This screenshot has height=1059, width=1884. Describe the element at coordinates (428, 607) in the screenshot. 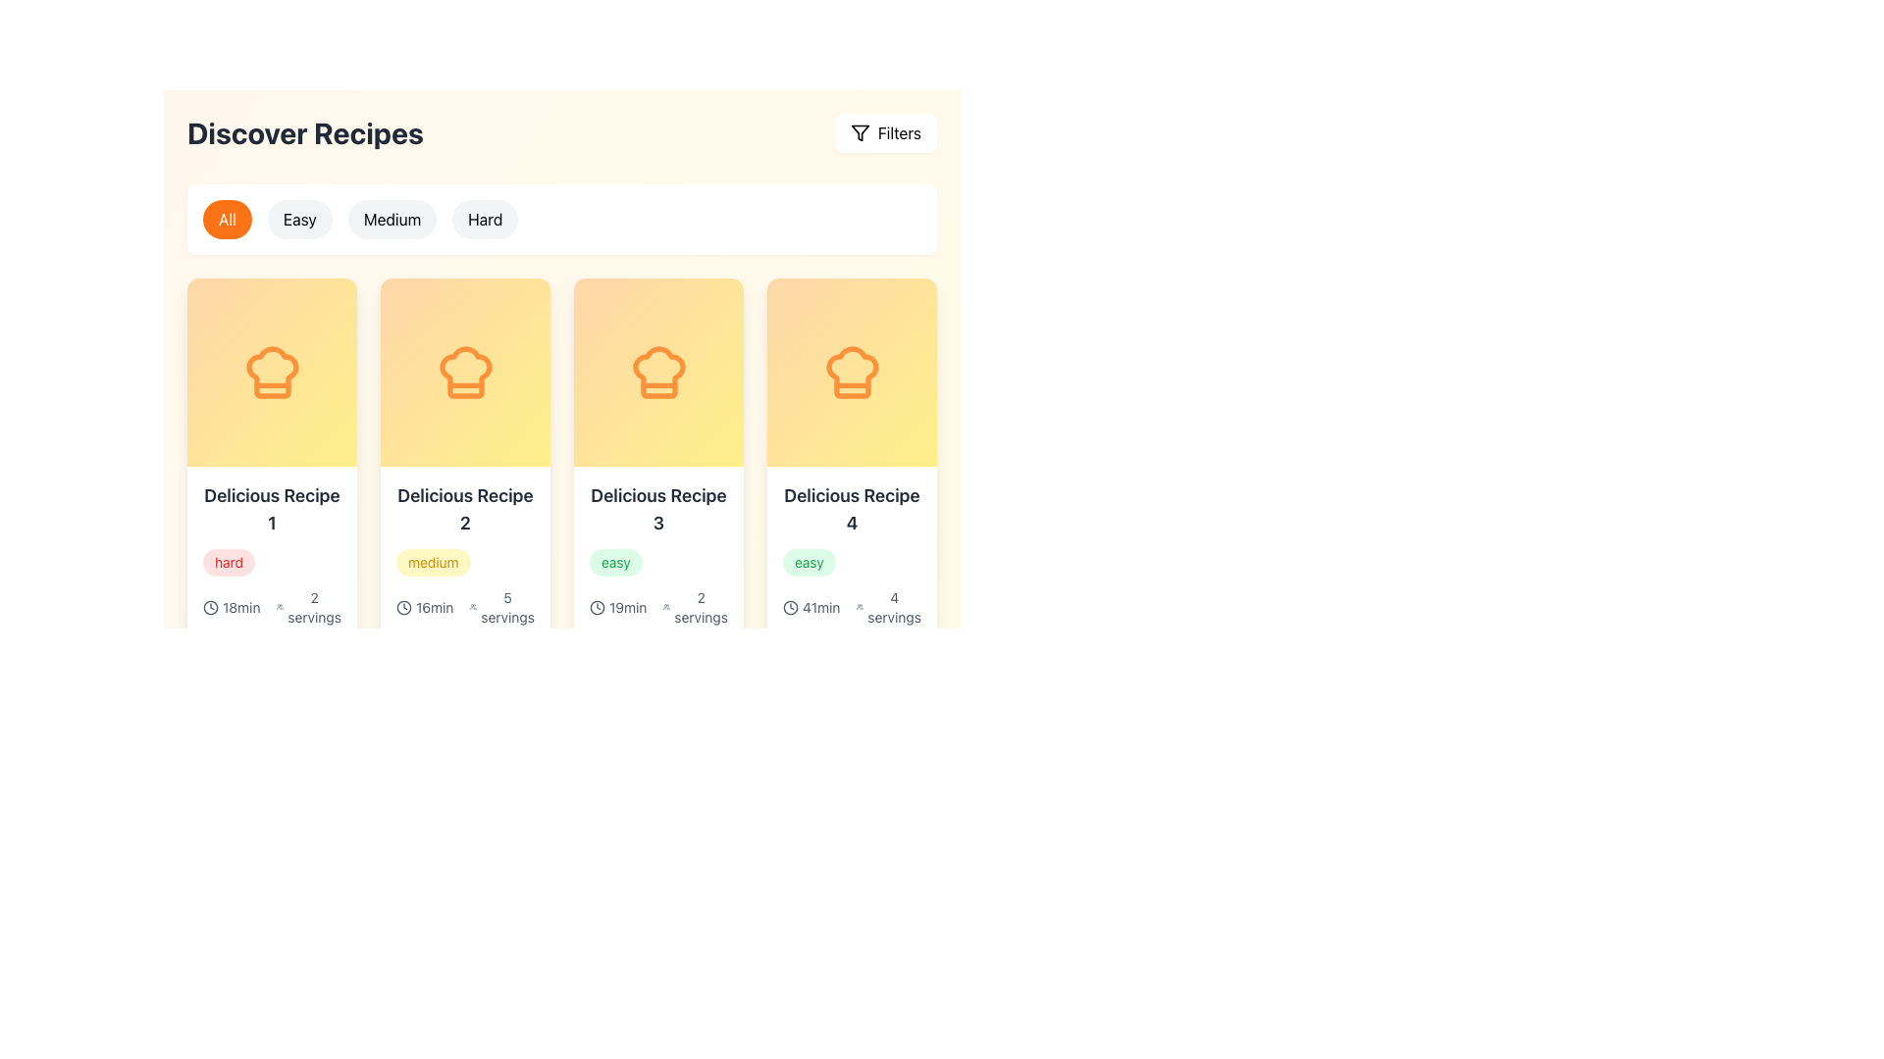

I see `preparation time displayed on the informational label for the recipe in the second card of the grid layout, located below 'Delicious Recipe 2' and above '5 servings'` at that location.